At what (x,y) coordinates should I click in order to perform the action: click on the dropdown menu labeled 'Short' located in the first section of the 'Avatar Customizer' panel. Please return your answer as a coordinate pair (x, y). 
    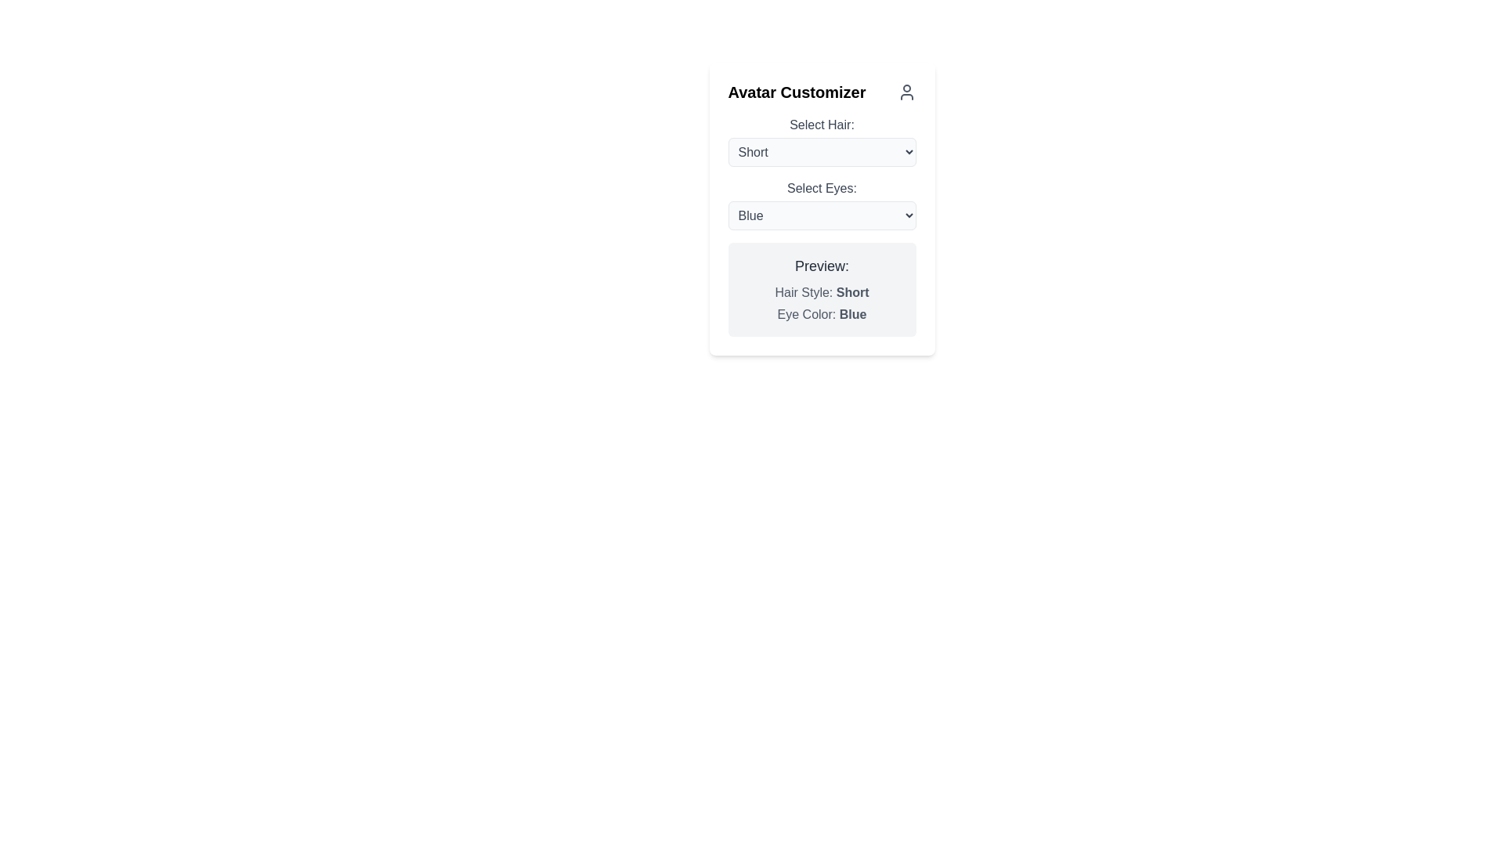
    Looking at the image, I should click on (821, 152).